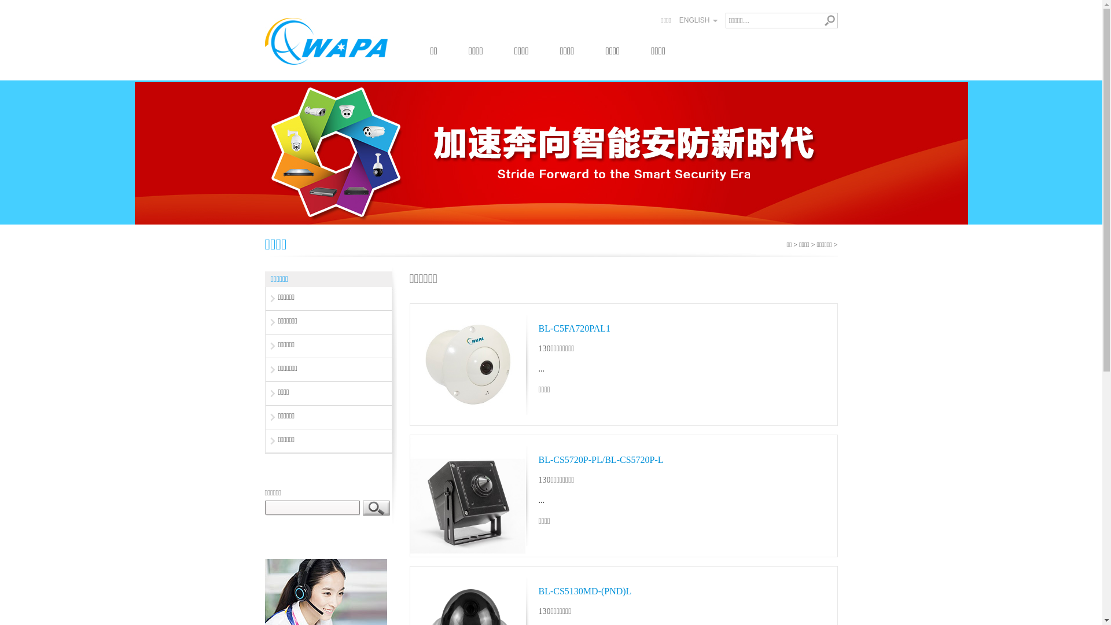  I want to click on 'BL-CS5720P-PL/BL-CS5720P-L', so click(600, 459).